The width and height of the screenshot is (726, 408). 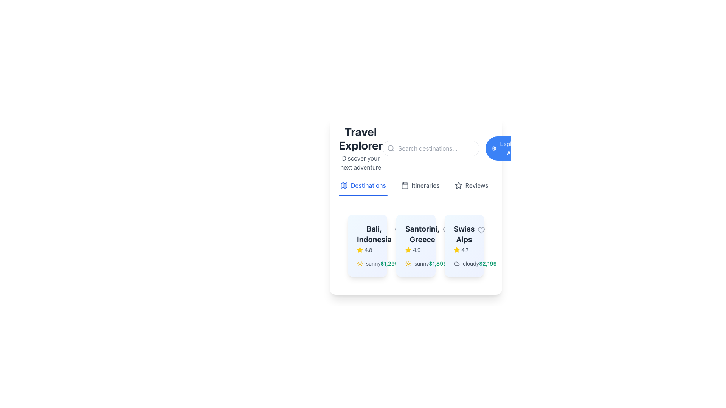 What do you see at coordinates (481, 230) in the screenshot?
I see `the 'like' icon located in the top-right corner of the 'Swiss Alps' card` at bounding box center [481, 230].